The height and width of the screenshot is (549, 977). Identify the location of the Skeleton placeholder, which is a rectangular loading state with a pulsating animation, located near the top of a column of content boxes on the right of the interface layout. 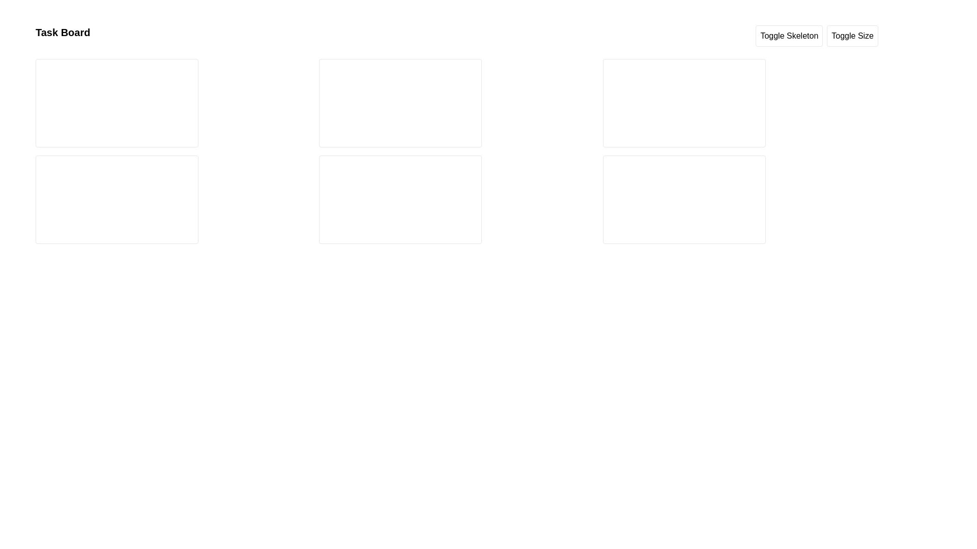
(684, 101).